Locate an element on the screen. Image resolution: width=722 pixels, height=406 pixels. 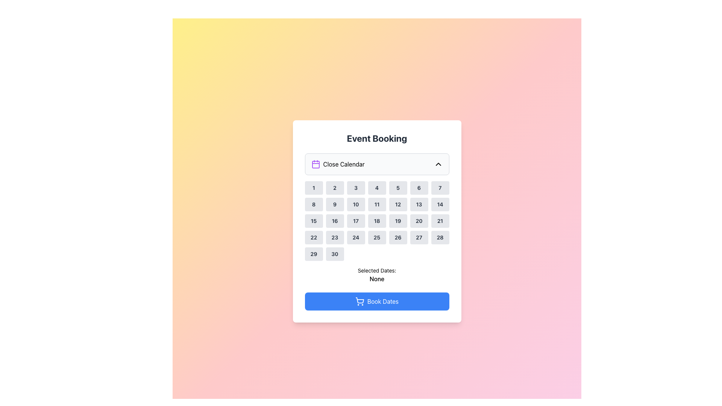
the small, rounded rectangular button labeled '22' located in the 4th row and 1st column of the grid under 'Event Booking' is located at coordinates (314, 238).